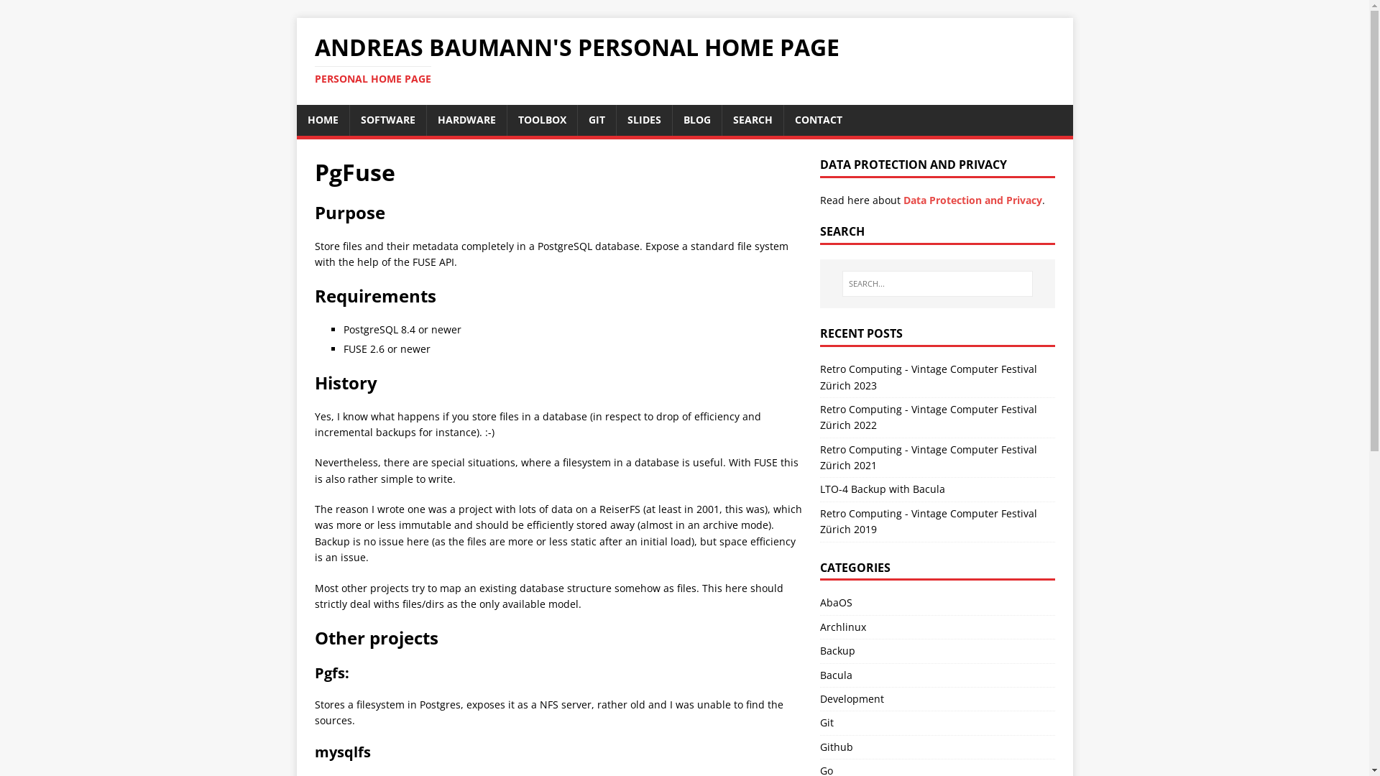 The height and width of the screenshot is (776, 1380). I want to click on 'CONTACT', so click(817, 119).